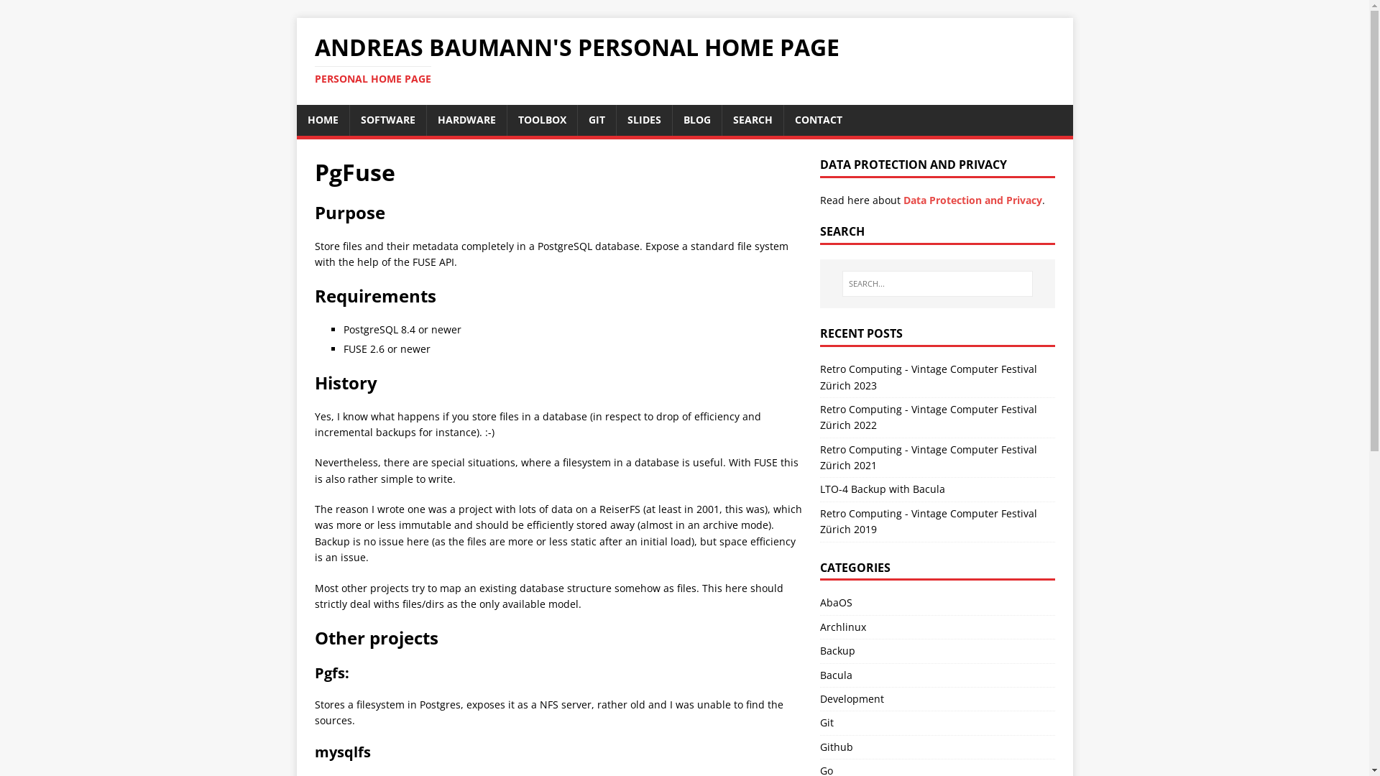 The height and width of the screenshot is (776, 1380). I want to click on 'CONTACT', so click(817, 119).